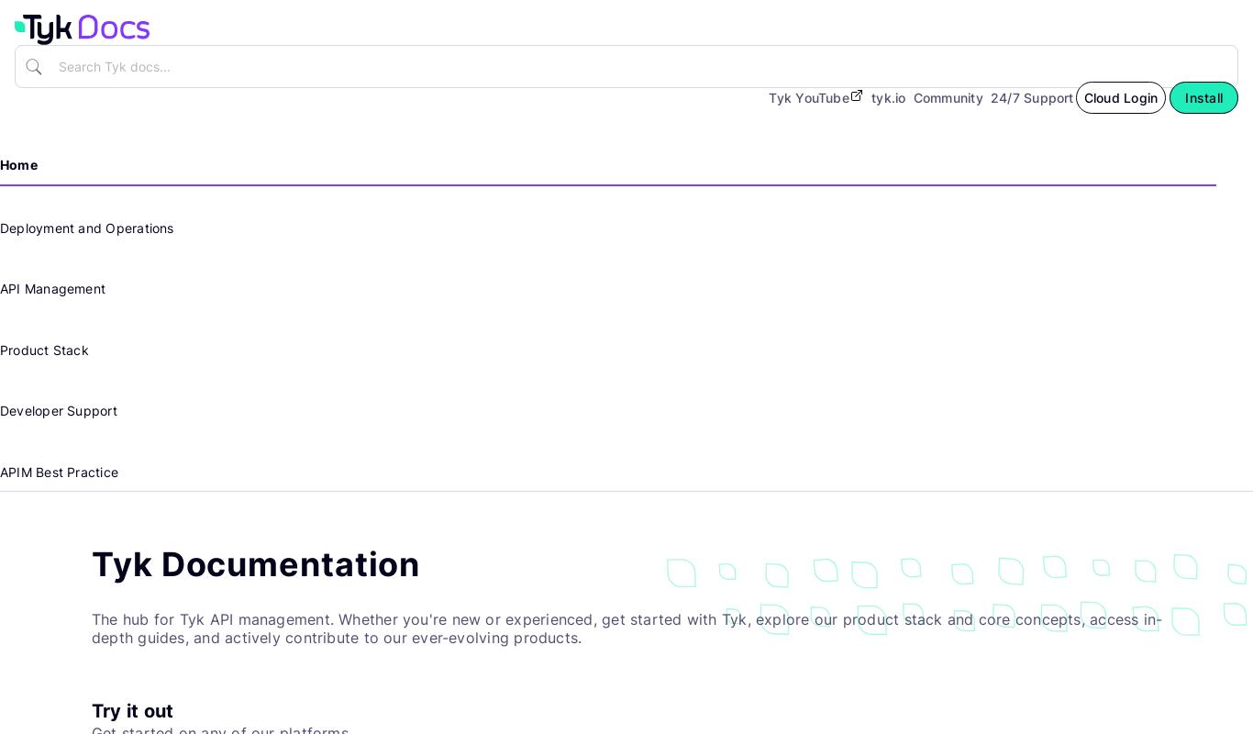 This screenshot has width=1253, height=734. What do you see at coordinates (888, 95) in the screenshot?
I see `'tyk.io'` at bounding box center [888, 95].